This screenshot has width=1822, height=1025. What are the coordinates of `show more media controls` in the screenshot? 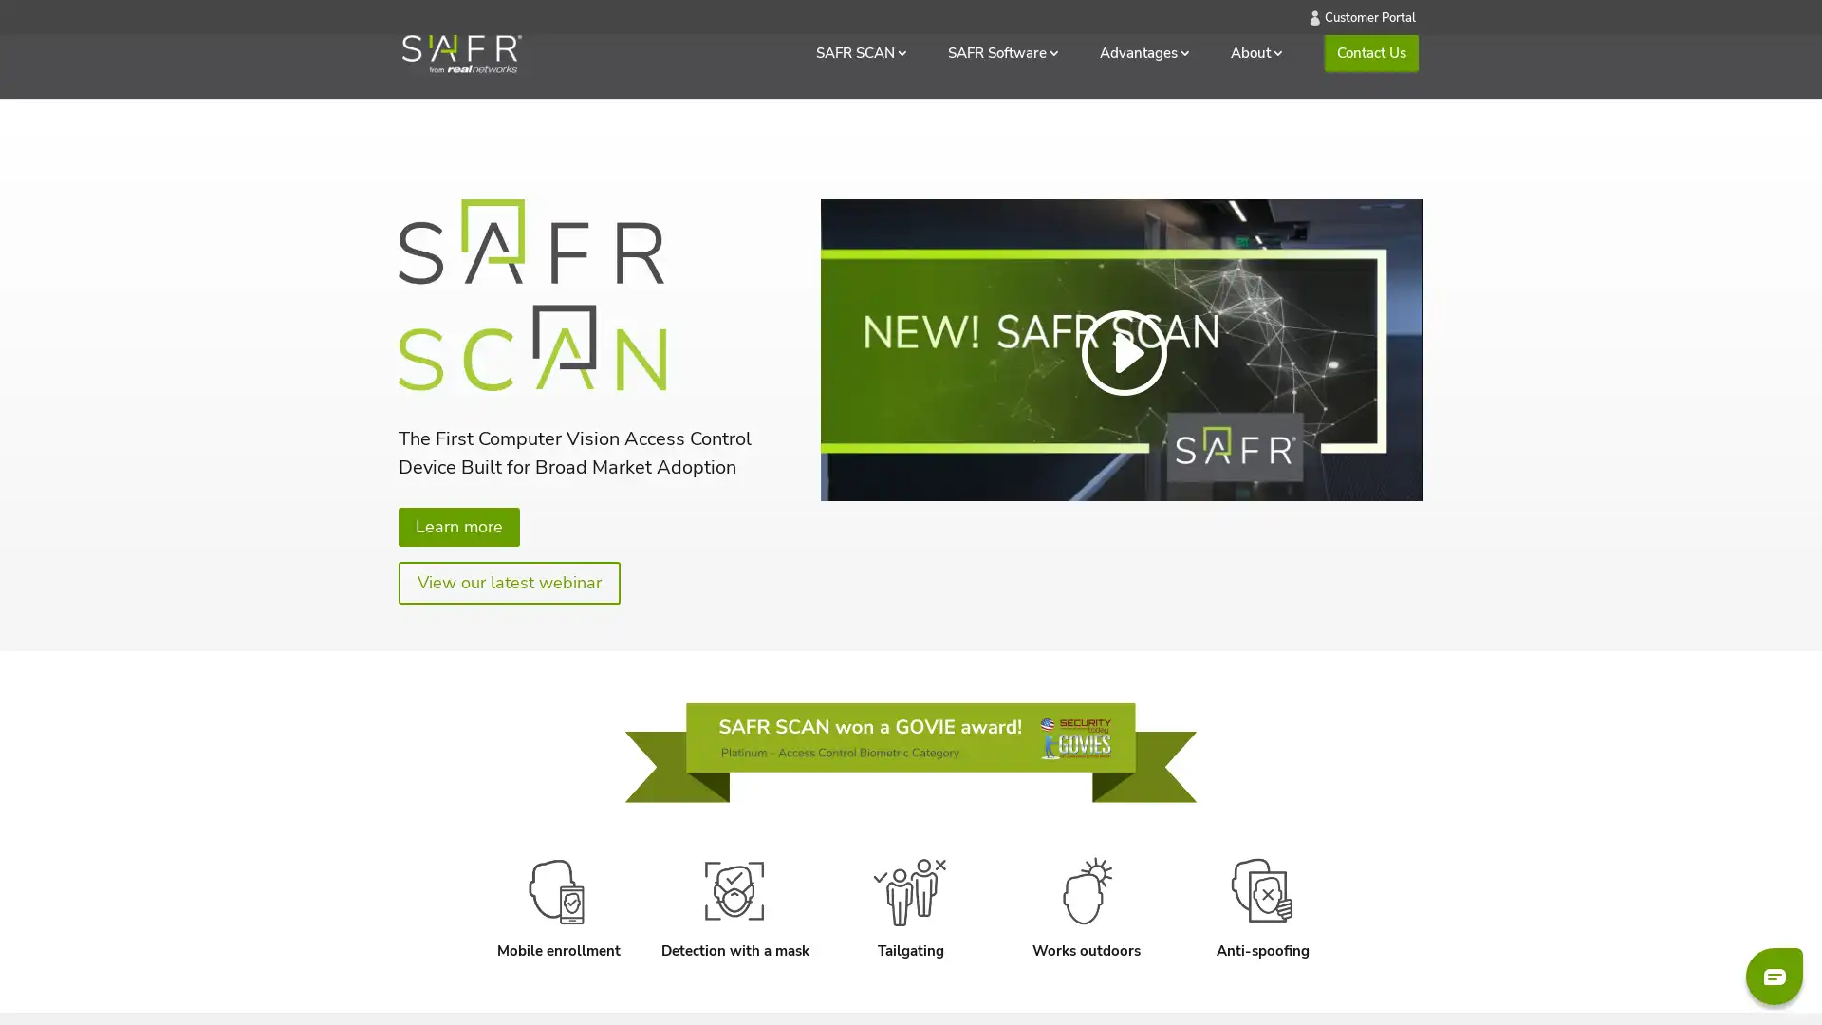 It's located at (1399, 454).